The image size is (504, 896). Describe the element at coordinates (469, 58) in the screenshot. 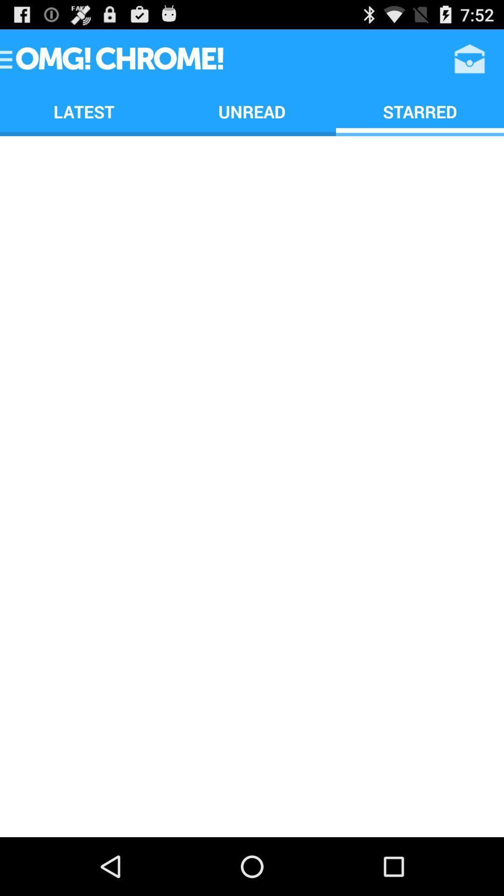

I see `the item above the starred icon` at that location.